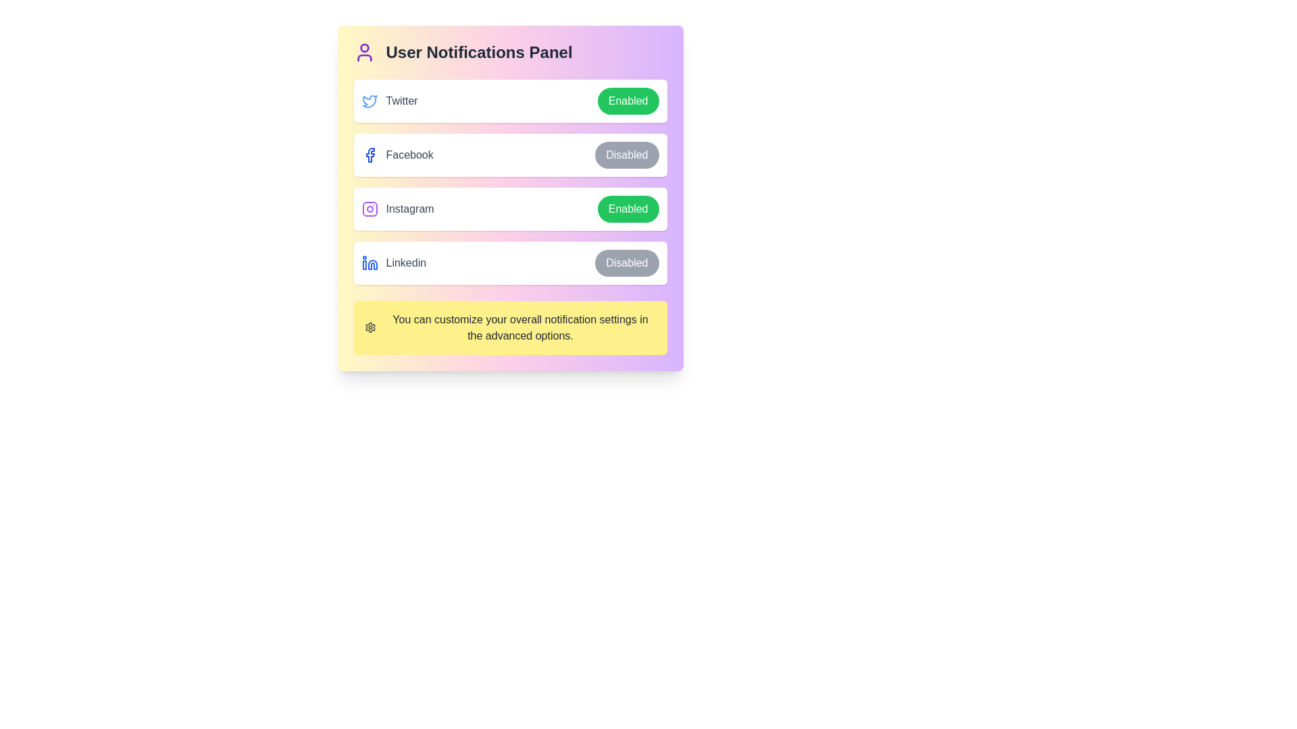  What do you see at coordinates (364, 265) in the screenshot?
I see `the narrow rectangular decorative graphical element located within the LinkedIn icon of the user notifications panel, positioned below the circular element` at bounding box center [364, 265].